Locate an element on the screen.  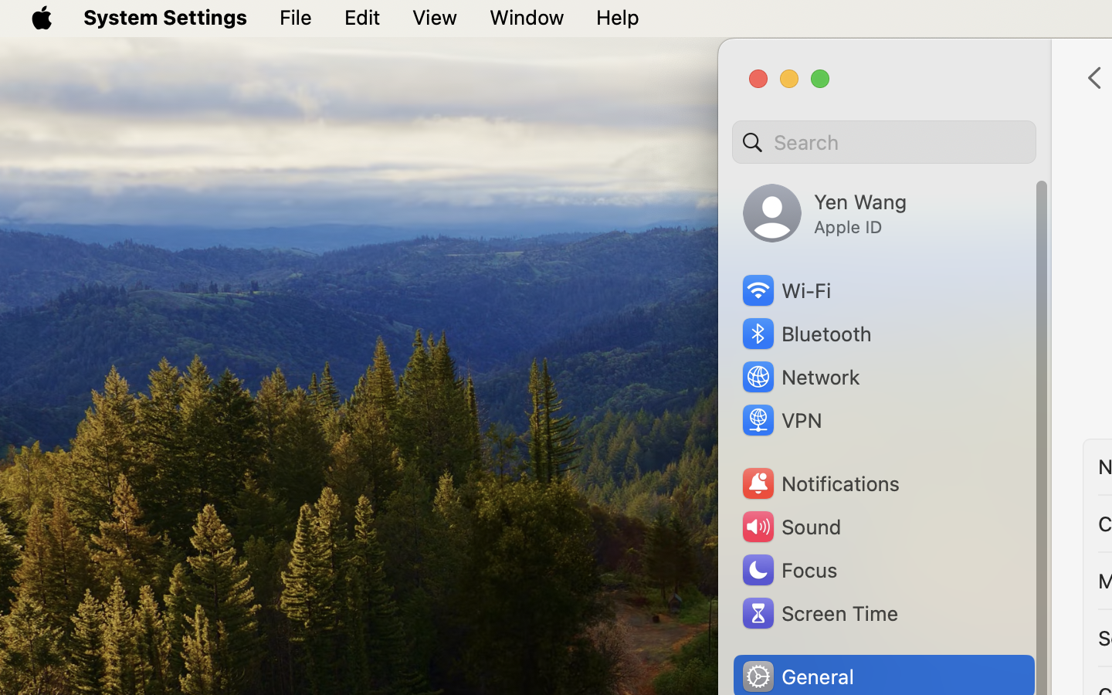
'Wi‑Fi' is located at coordinates (785, 290).